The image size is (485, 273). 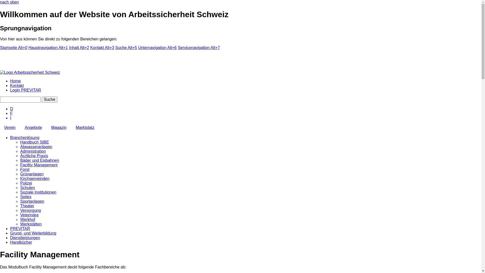 What do you see at coordinates (30, 210) in the screenshot?
I see `'Versorgung'` at bounding box center [30, 210].